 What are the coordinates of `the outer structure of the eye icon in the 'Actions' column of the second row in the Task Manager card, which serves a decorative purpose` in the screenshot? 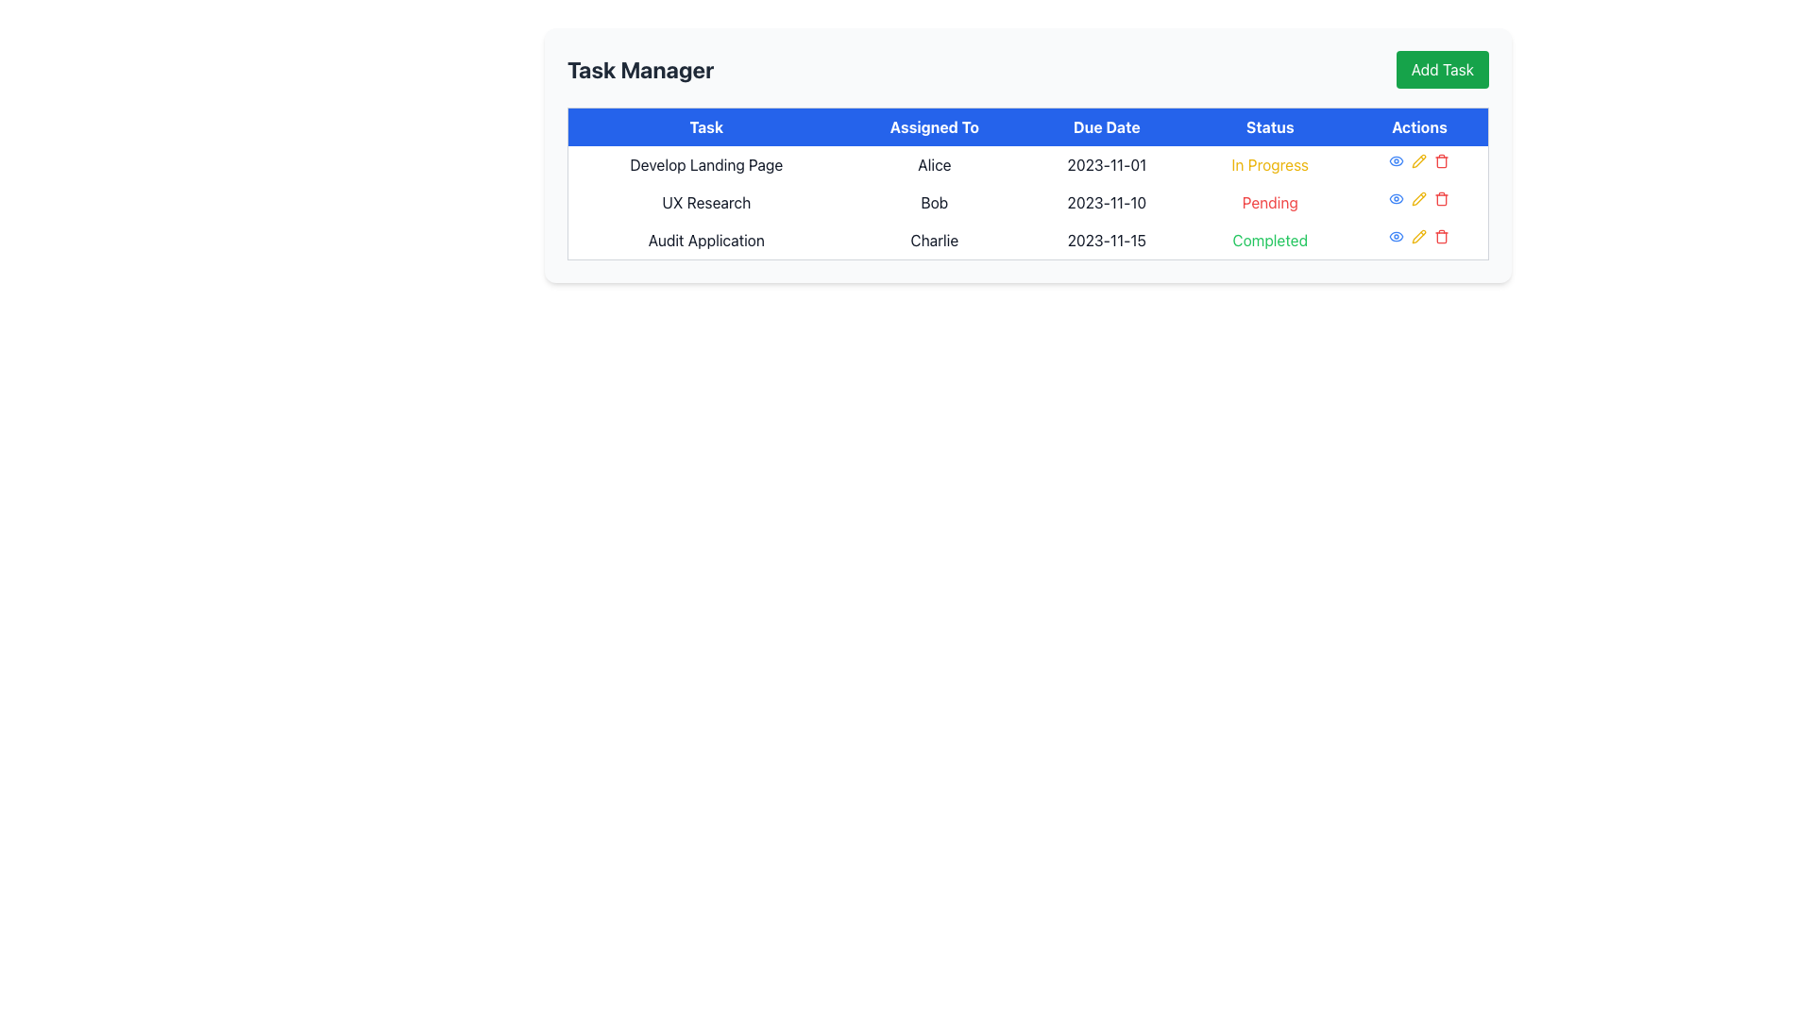 It's located at (1397, 159).